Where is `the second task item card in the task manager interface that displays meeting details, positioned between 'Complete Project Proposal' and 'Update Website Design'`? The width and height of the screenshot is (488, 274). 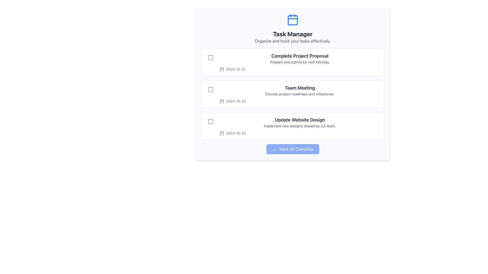
the second task item card in the task manager interface that displays meeting details, positioned between 'Complete Project Proposal' and 'Update Website Design' is located at coordinates (300, 94).